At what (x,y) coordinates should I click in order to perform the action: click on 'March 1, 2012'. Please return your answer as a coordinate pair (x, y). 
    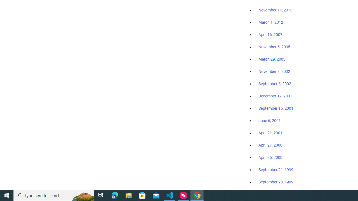
    Looking at the image, I should click on (271, 22).